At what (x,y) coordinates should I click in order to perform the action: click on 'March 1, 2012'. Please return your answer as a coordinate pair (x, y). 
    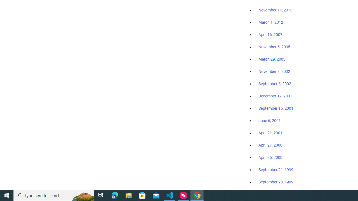
    Looking at the image, I should click on (271, 22).